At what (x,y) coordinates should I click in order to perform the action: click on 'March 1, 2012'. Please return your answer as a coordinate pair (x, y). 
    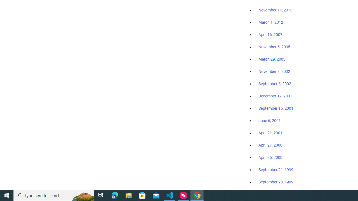
    Looking at the image, I should click on (271, 22).